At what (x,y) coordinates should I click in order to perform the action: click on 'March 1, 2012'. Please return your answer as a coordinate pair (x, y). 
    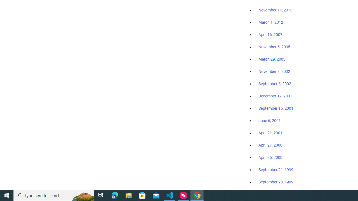
    Looking at the image, I should click on (271, 22).